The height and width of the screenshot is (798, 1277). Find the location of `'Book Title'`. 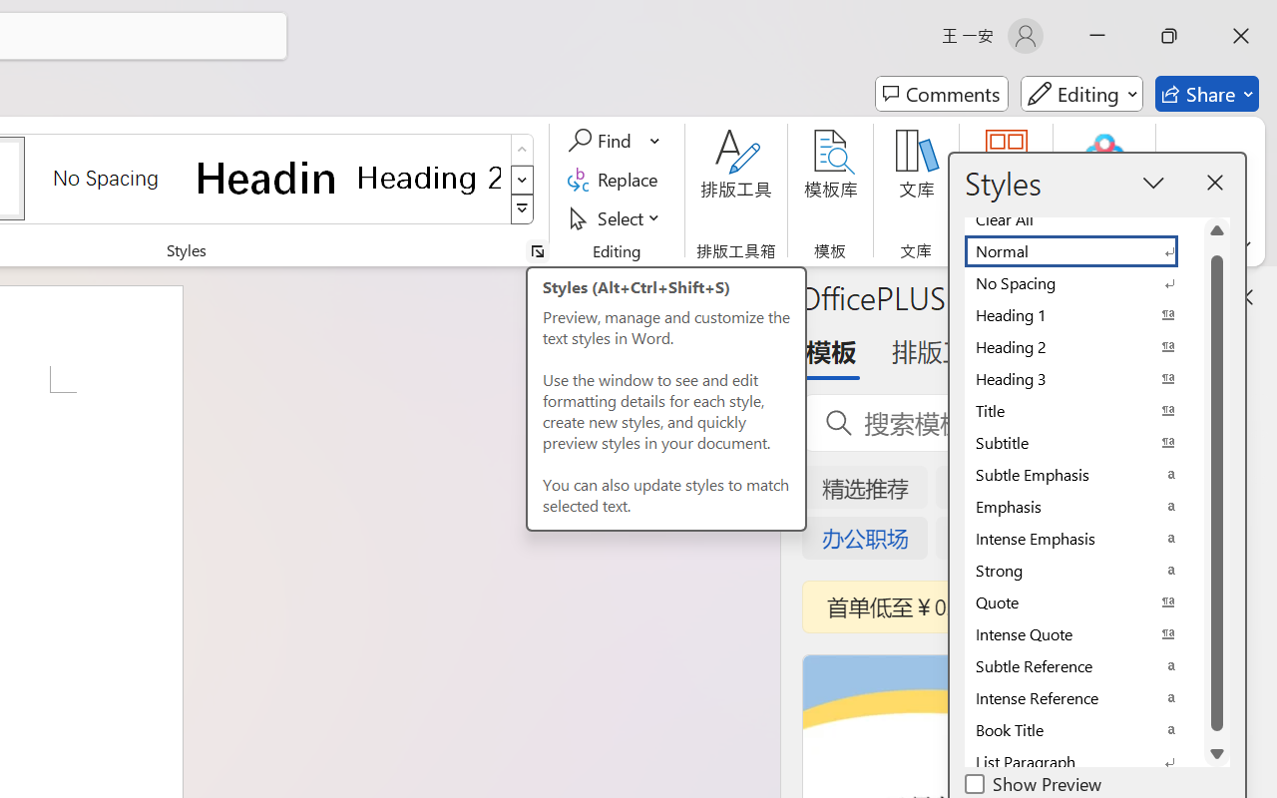

'Book Title' is located at coordinates (1082, 729).